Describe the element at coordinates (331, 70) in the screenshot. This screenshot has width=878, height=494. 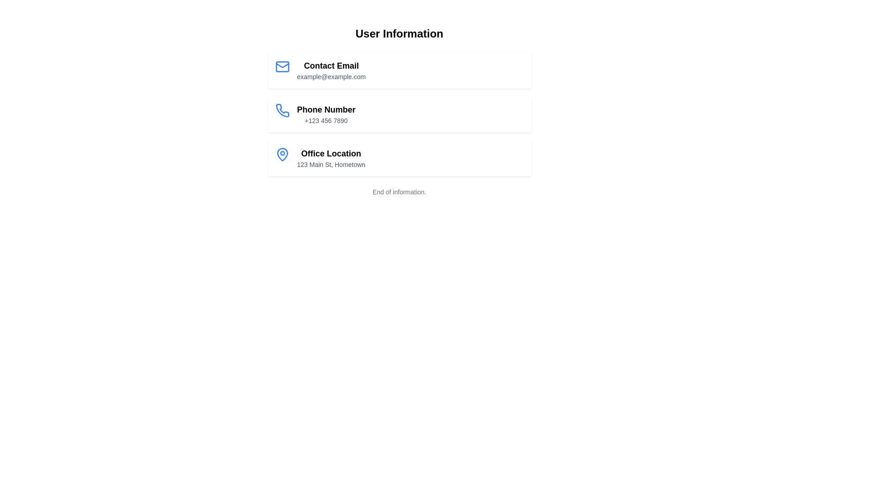
I see `the text display block that shows the contact email information, located at the top of a vertical list within a card layout` at that location.